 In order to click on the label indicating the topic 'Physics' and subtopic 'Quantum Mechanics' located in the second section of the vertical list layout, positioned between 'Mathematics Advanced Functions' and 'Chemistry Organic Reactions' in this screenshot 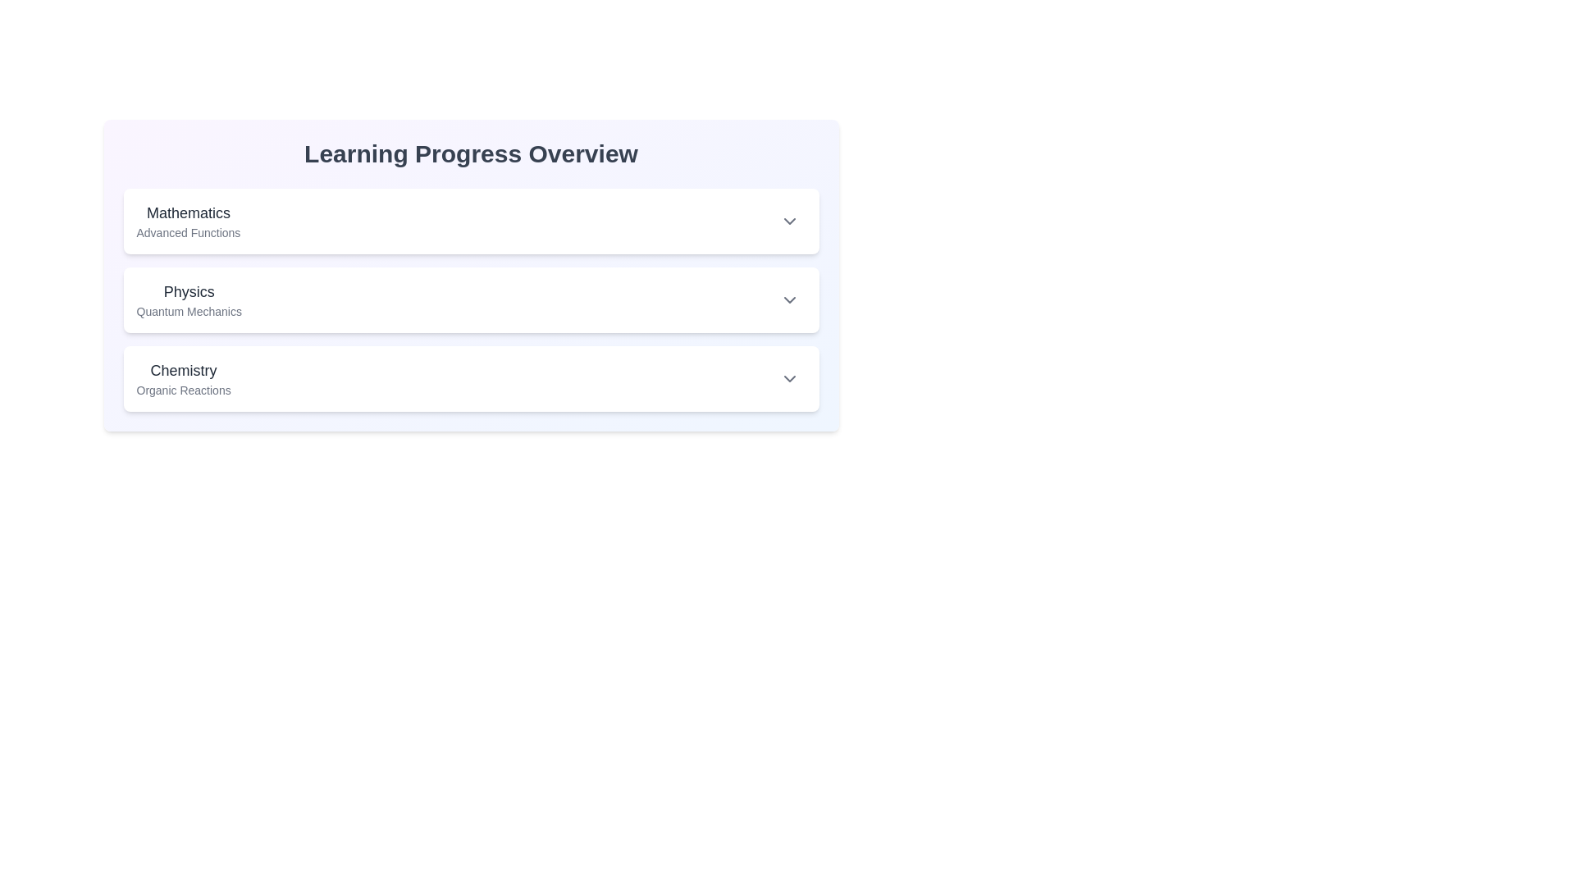, I will do `click(189, 300)`.